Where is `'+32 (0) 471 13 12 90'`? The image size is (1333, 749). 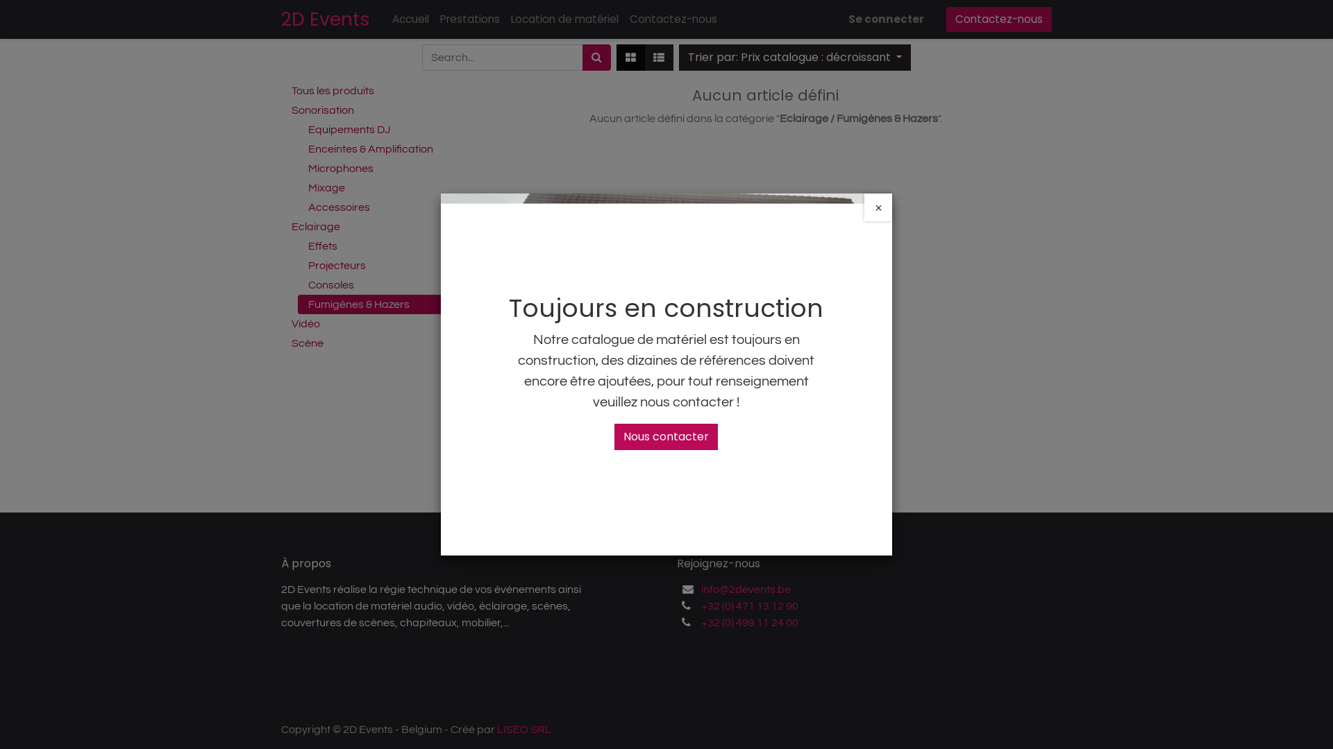
'+32 (0) 471 13 12 90' is located at coordinates (749, 605).